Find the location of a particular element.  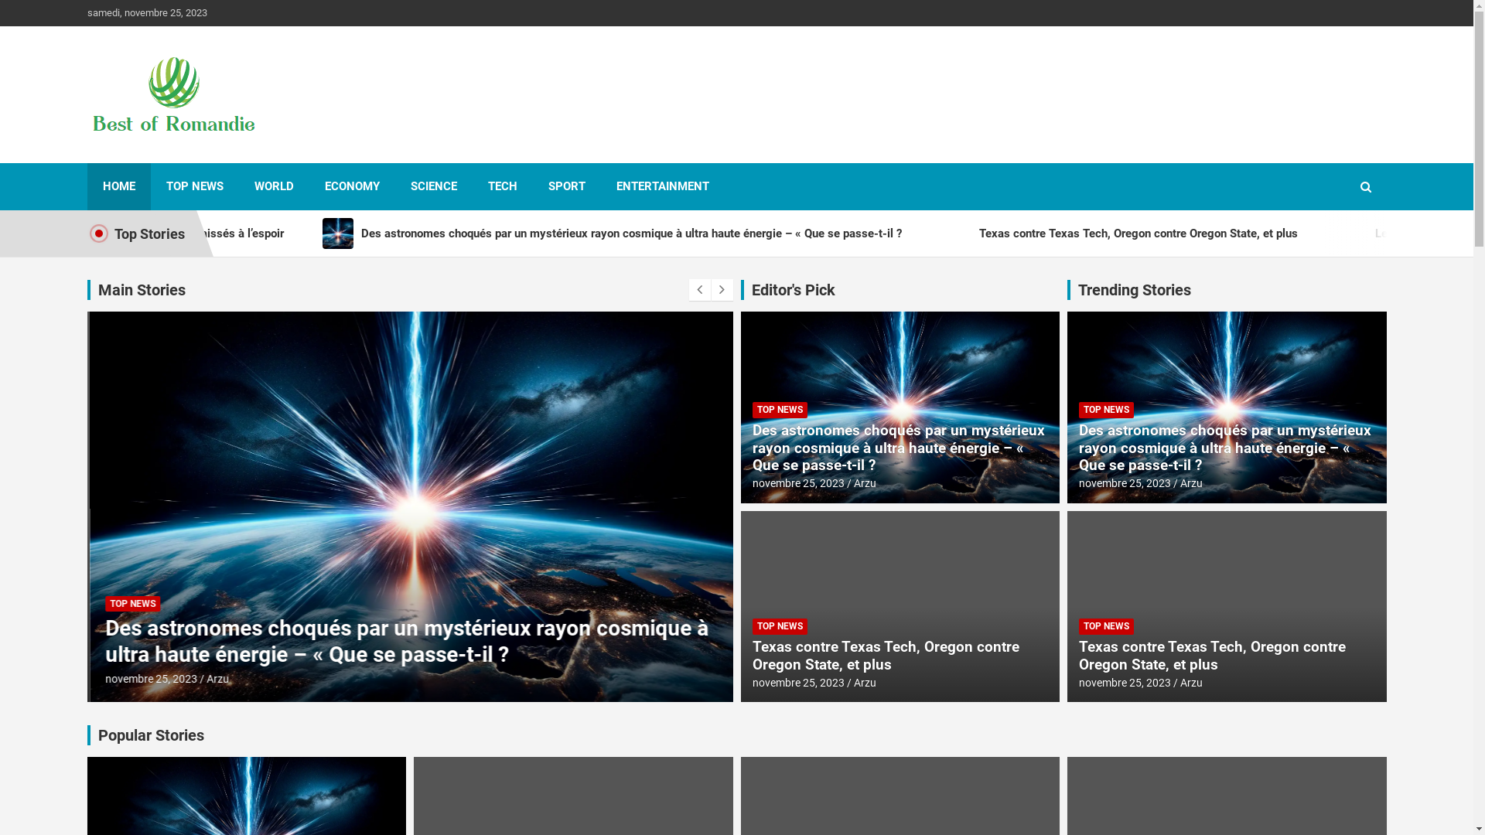

'ECONOMY' is located at coordinates (351, 186).